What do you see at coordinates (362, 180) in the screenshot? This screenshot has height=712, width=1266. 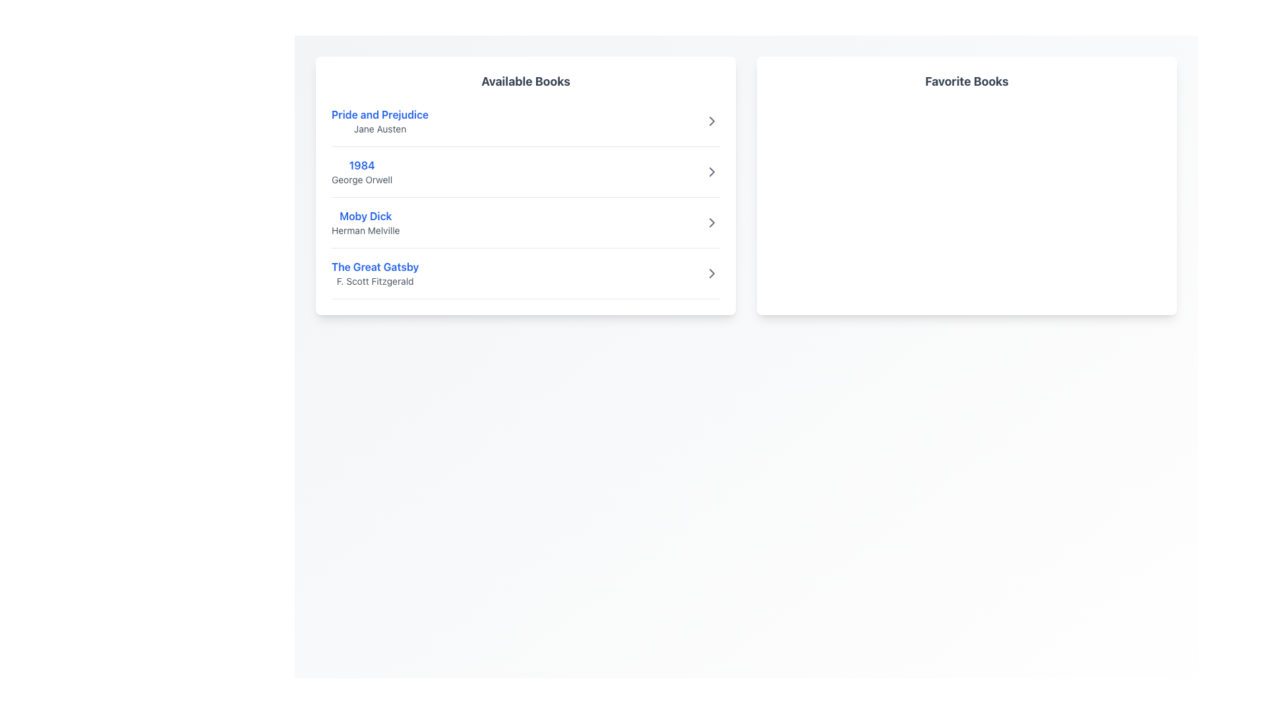 I see `text label displaying 'George Orwell', which is styled in gray and located beneath the '1984' title in the Available Books list` at bounding box center [362, 180].